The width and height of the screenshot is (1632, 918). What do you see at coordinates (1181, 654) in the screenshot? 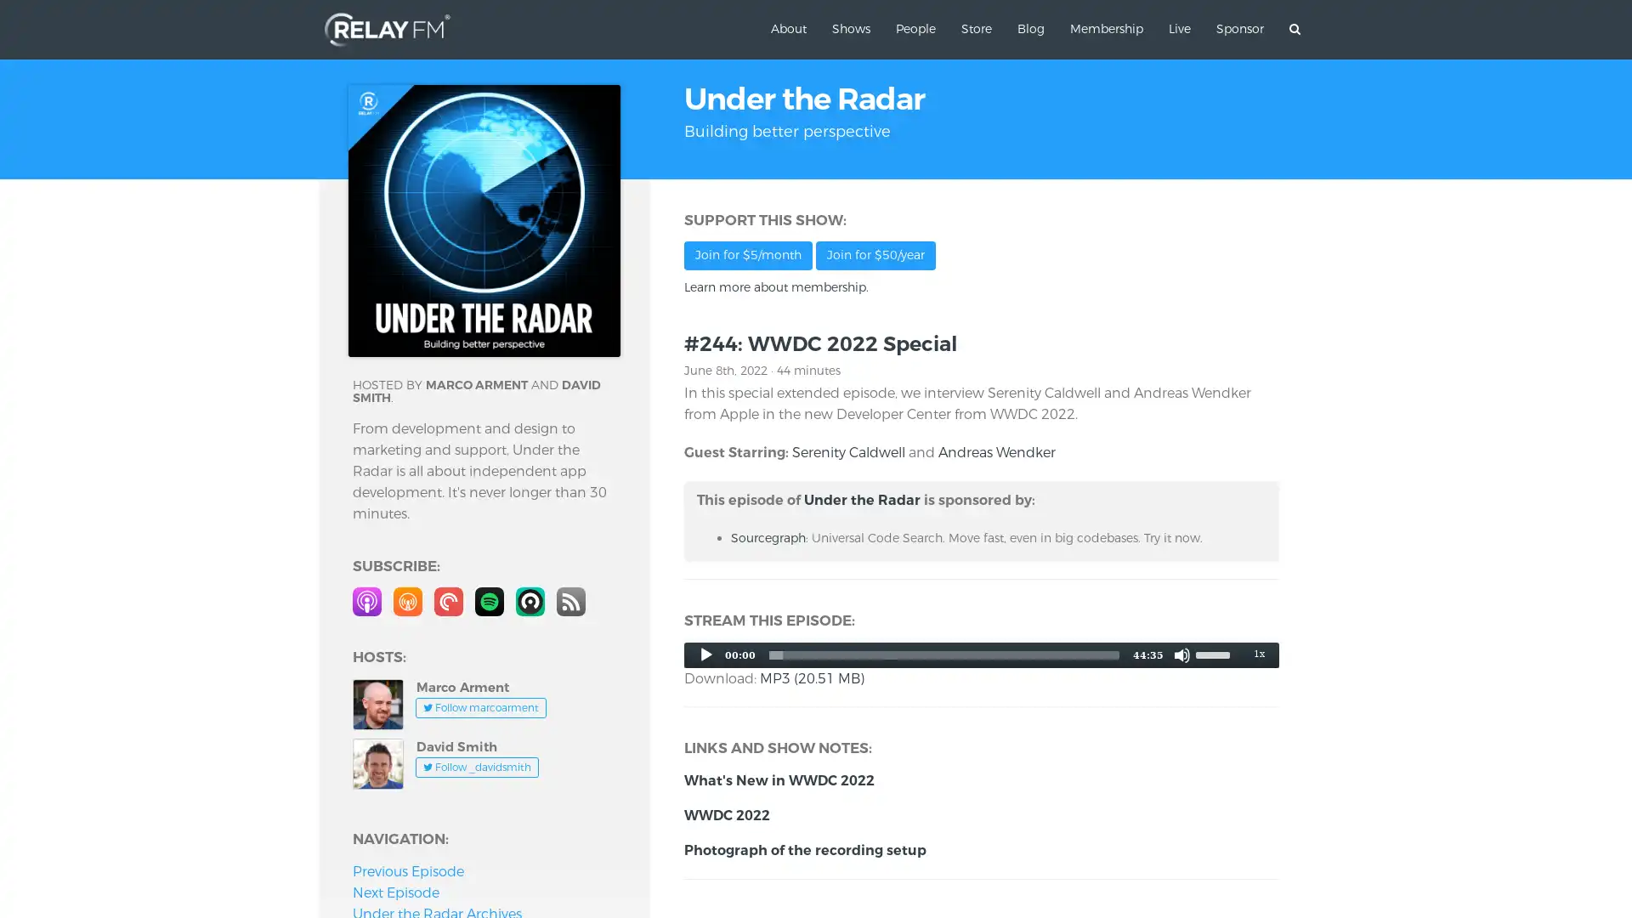
I see `Mute` at bounding box center [1181, 654].